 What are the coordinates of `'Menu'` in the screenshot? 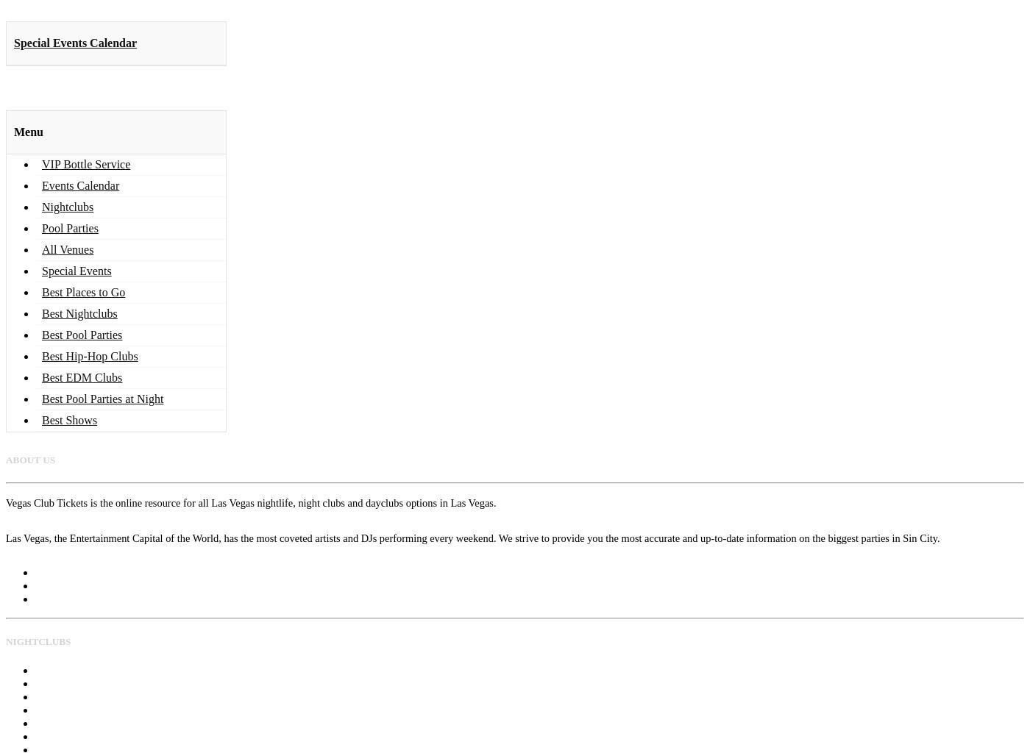 It's located at (29, 131).